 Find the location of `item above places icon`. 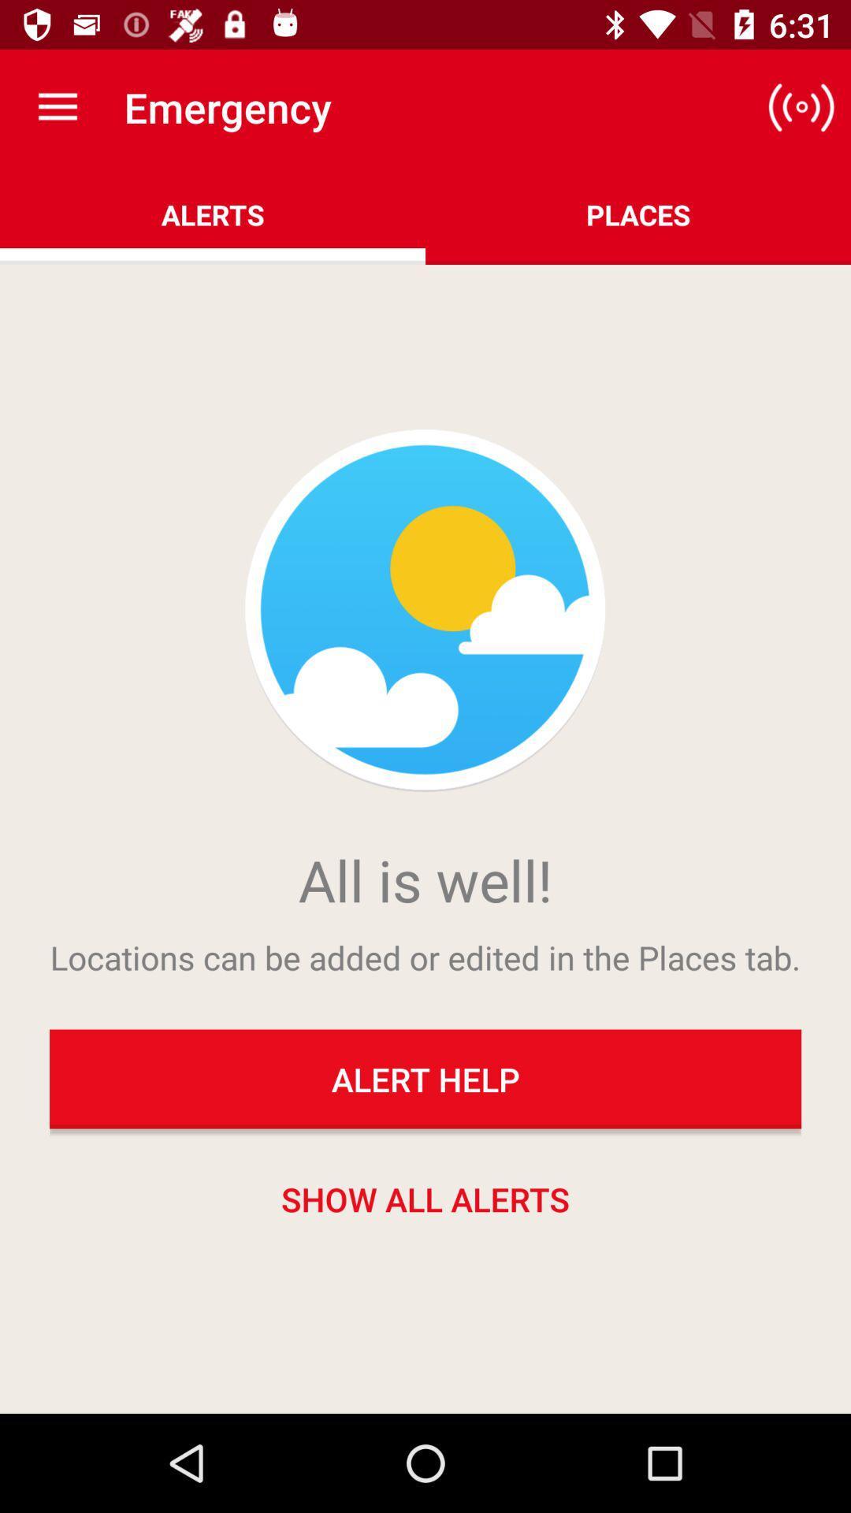

item above places icon is located at coordinates (801, 106).